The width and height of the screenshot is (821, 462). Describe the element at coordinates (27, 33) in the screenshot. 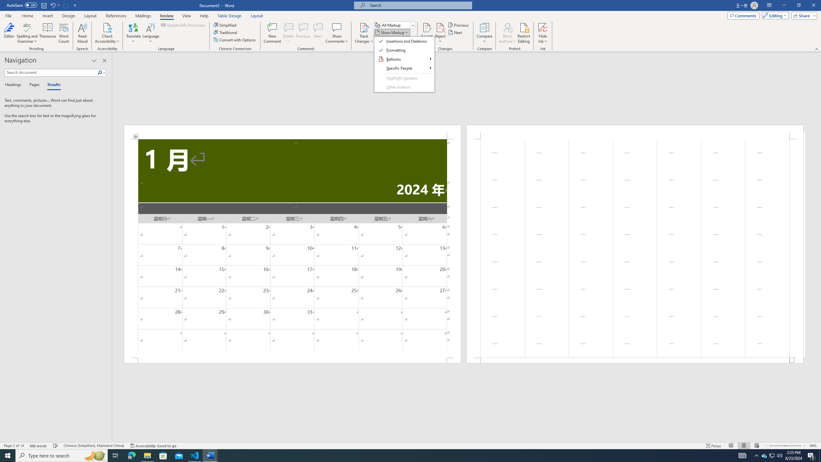

I see `'Spelling and Grammar'` at that location.